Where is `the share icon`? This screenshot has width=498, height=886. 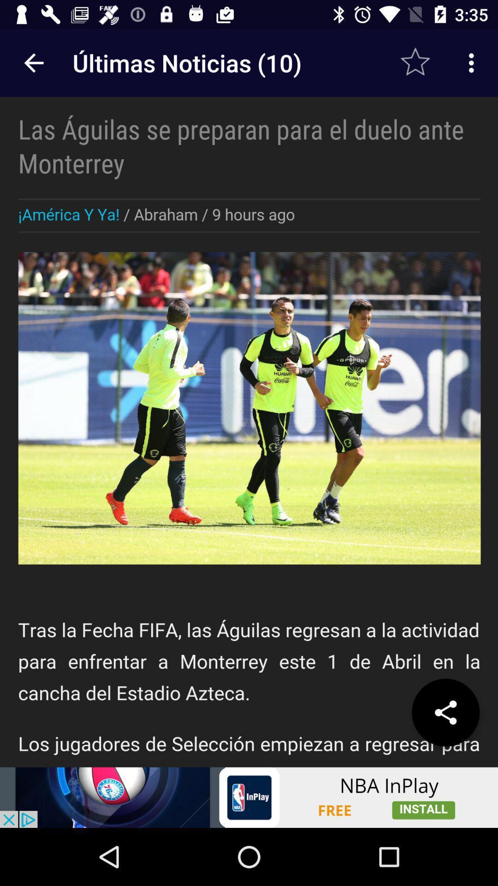
the share icon is located at coordinates (445, 712).